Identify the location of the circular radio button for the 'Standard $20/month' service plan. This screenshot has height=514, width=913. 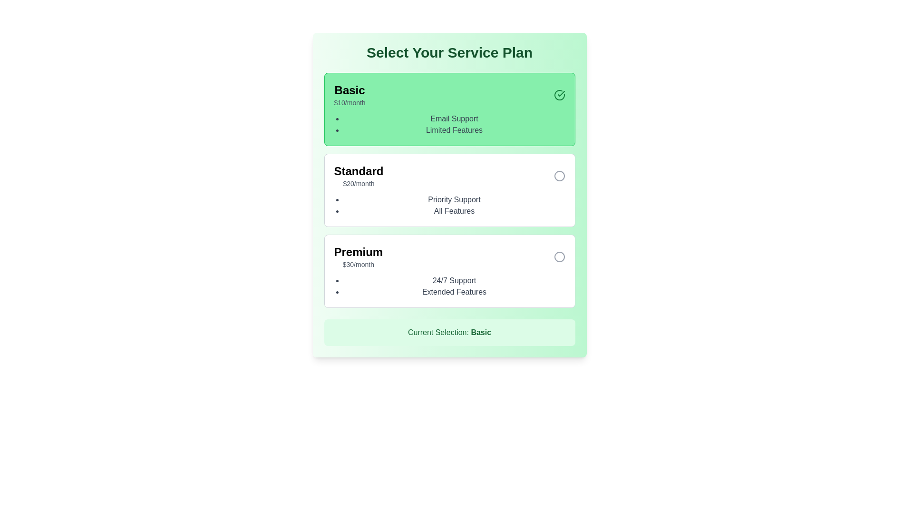
(559, 176).